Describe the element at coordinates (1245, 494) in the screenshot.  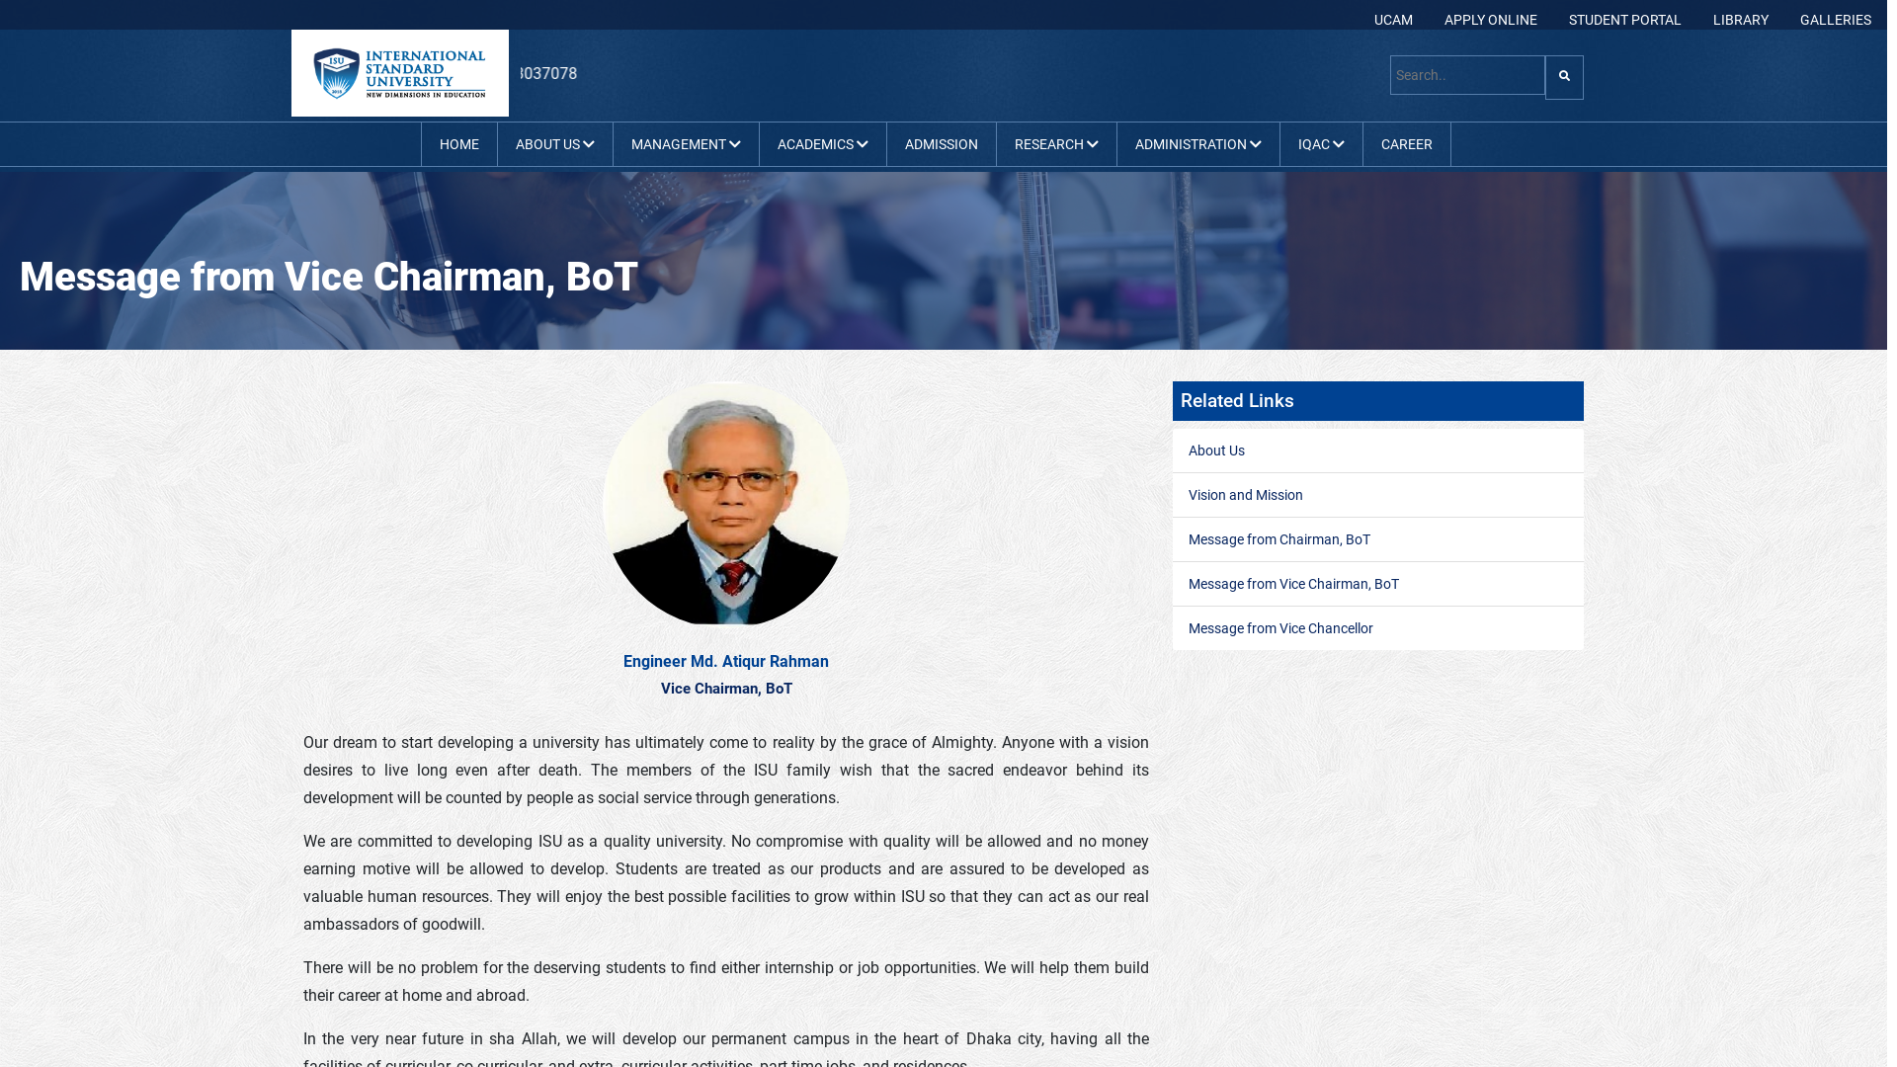
I see `'Vision and Mission'` at that location.